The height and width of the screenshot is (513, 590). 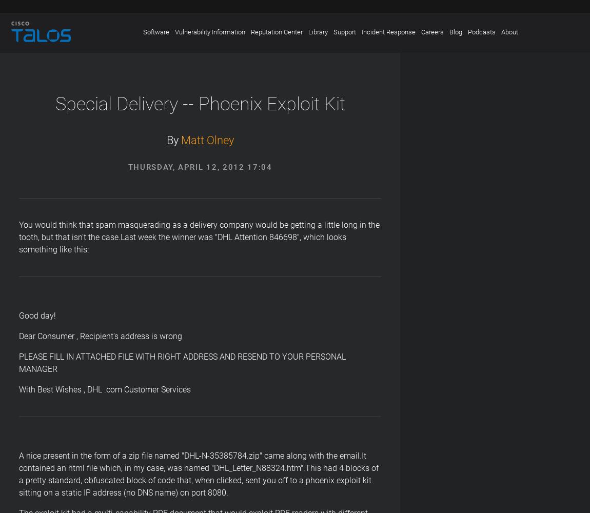 What do you see at coordinates (100, 336) in the screenshot?
I see `'Dear Consumer , Recipient's address is wrong'` at bounding box center [100, 336].